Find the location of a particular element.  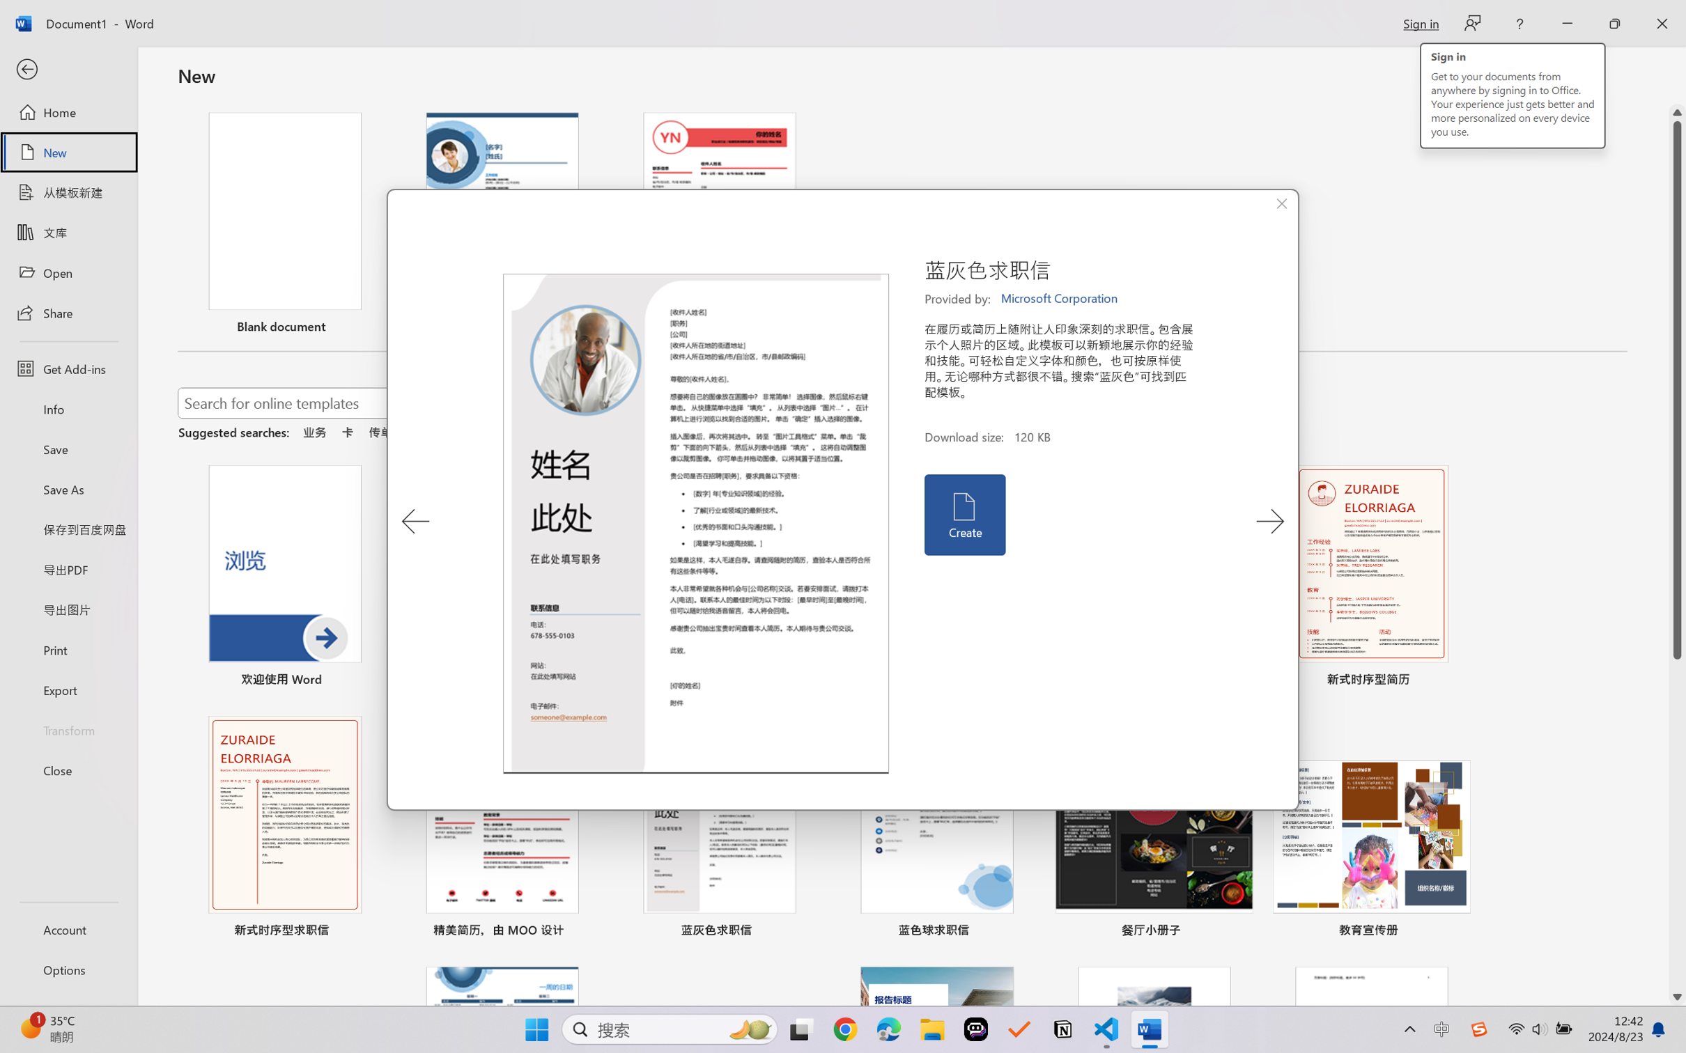

'Info' is located at coordinates (68, 408).